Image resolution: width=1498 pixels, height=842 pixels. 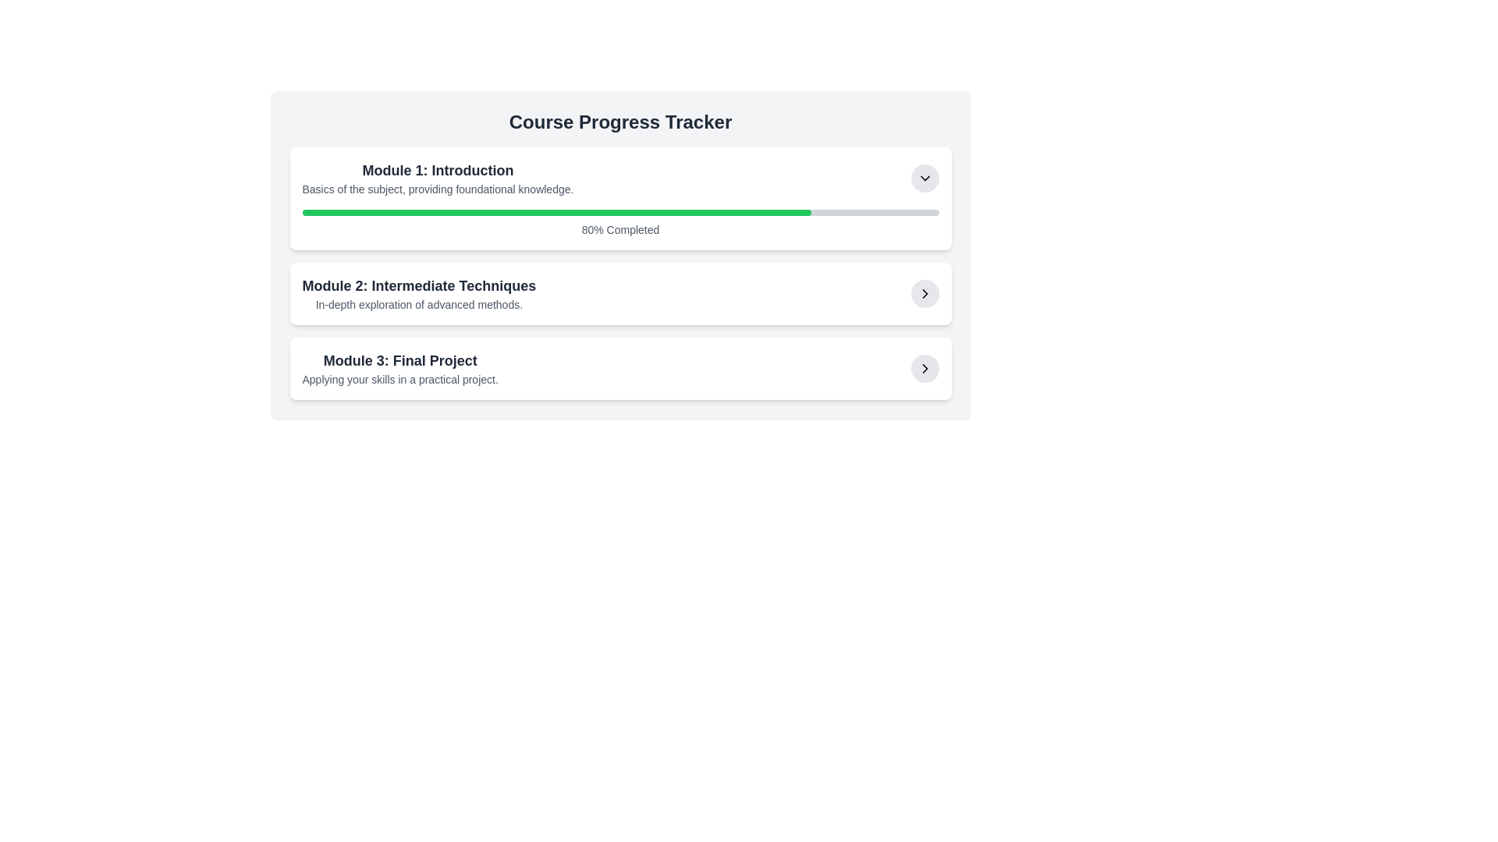 What do you see at coordinates (437, 189) in the screenshot?
I see `the area surrounding the text element that provides additional details about 'Module 1: Introduction', located below its title` at bounding box center [437, 189].